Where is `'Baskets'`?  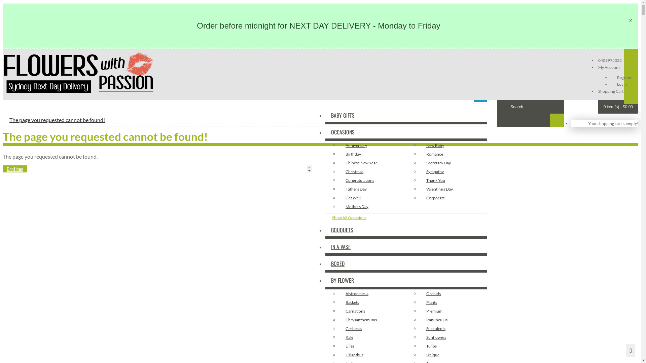 'Baskets' is located at coordinates (339, 301).